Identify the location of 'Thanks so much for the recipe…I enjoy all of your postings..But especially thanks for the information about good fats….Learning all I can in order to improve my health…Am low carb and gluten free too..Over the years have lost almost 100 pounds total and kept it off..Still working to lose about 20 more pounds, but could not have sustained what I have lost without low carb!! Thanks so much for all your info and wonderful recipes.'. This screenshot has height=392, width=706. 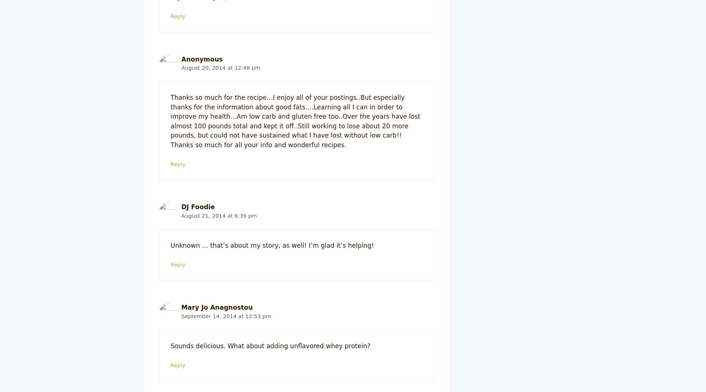
(295, 121).